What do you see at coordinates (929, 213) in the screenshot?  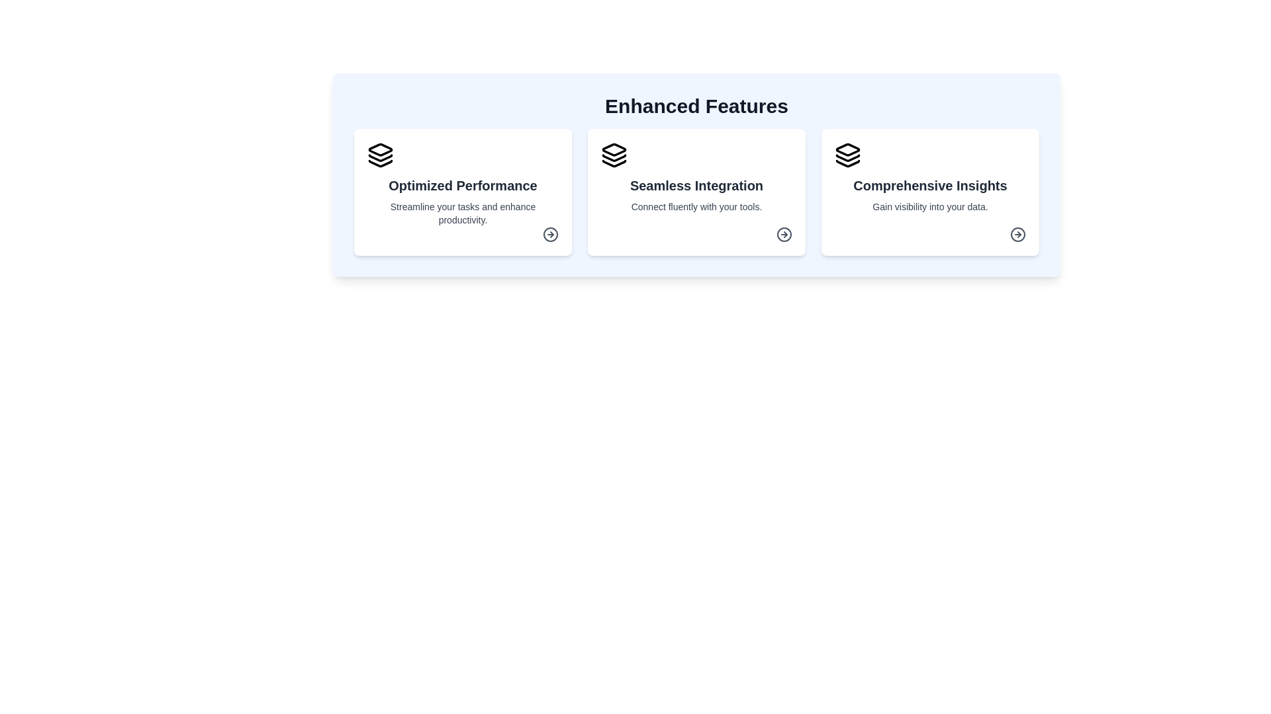 I see `the static text label that reads 'Gain visibility into your data.' which is located below the heading 'Comprehensive Insights' in the rightmost card labeled 'Enhanced Features'` at bounding box center [929, 213].